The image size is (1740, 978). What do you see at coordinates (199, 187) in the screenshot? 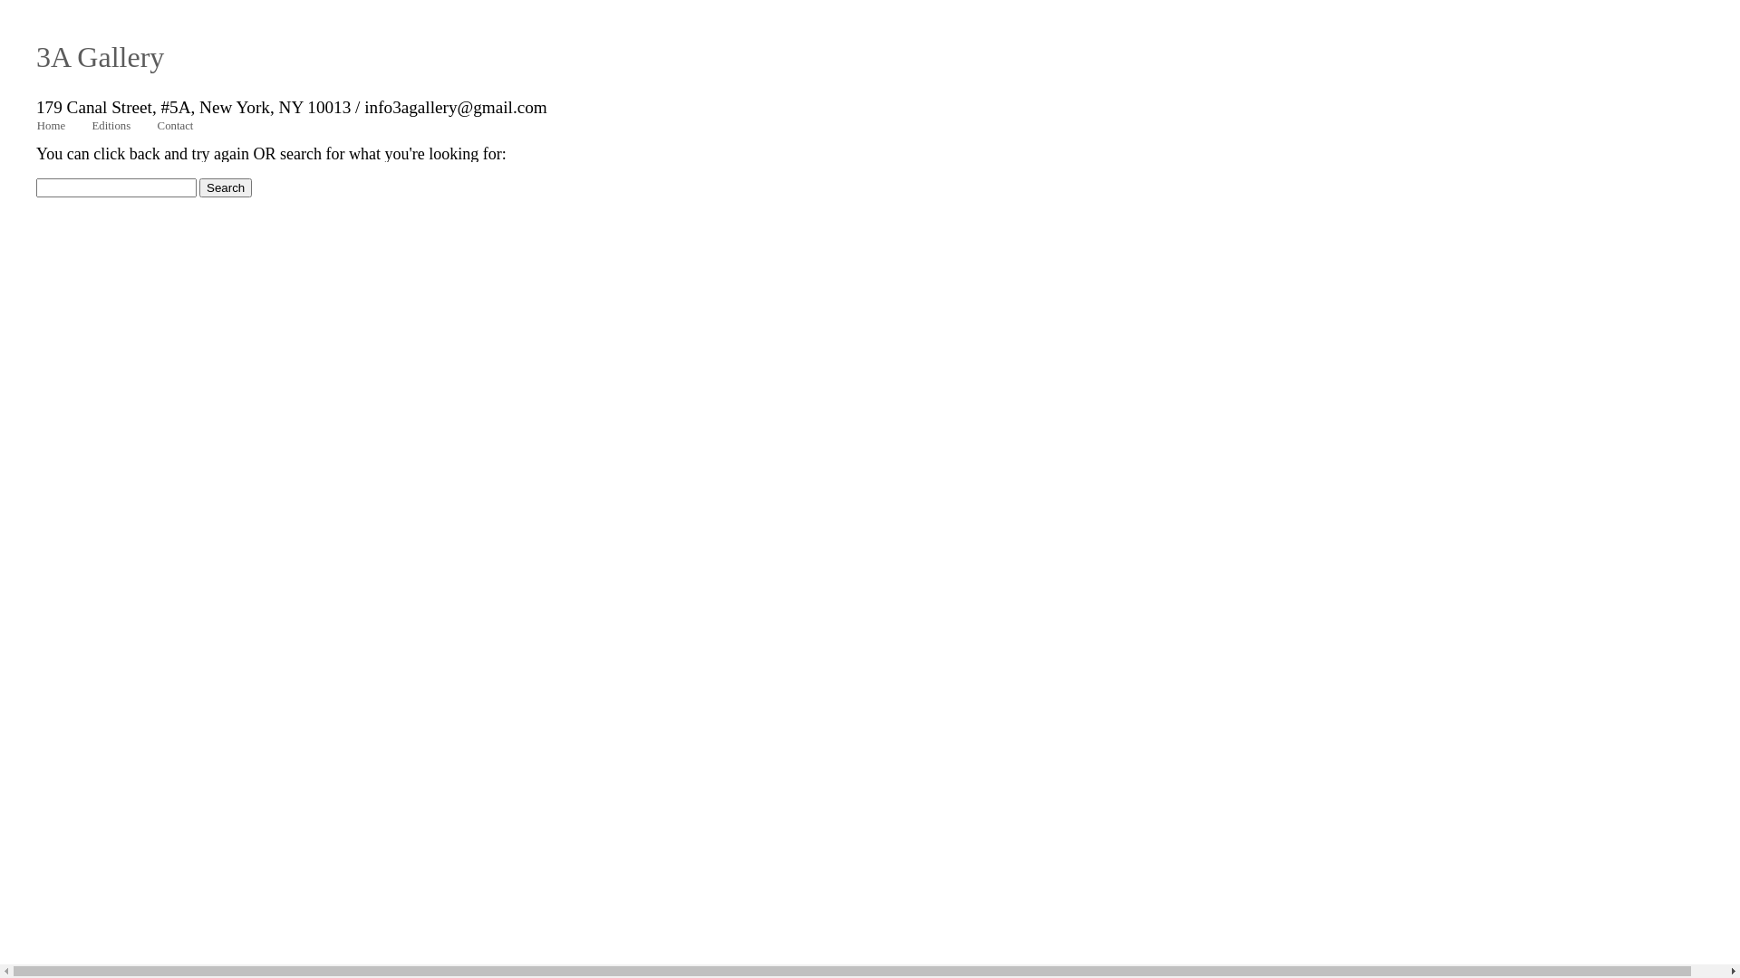
I see `'Search'` at bounding box center [199, 187].